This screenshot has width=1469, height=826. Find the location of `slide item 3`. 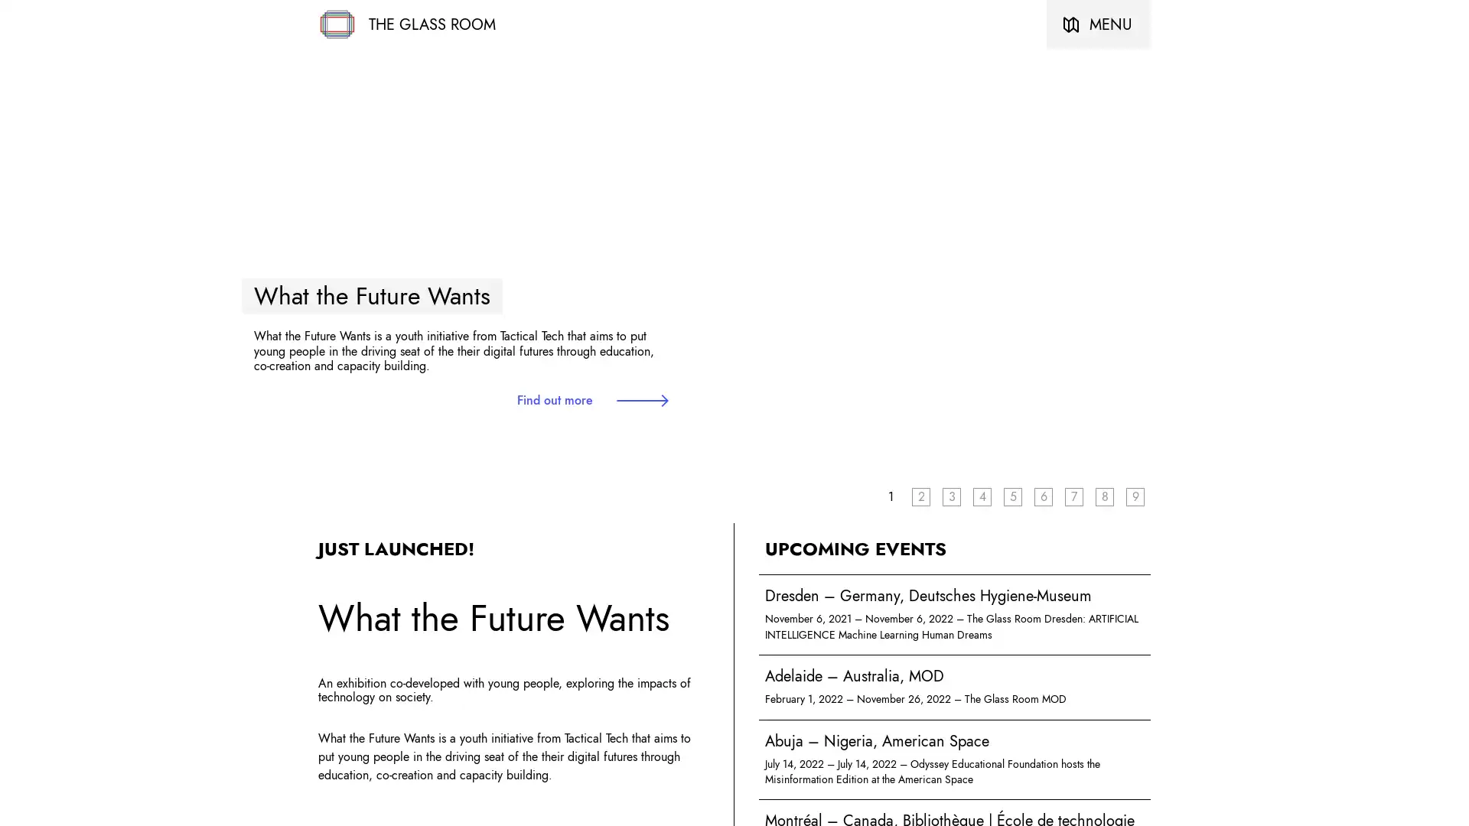

slide item 3 is located at coordinates (950, 496).